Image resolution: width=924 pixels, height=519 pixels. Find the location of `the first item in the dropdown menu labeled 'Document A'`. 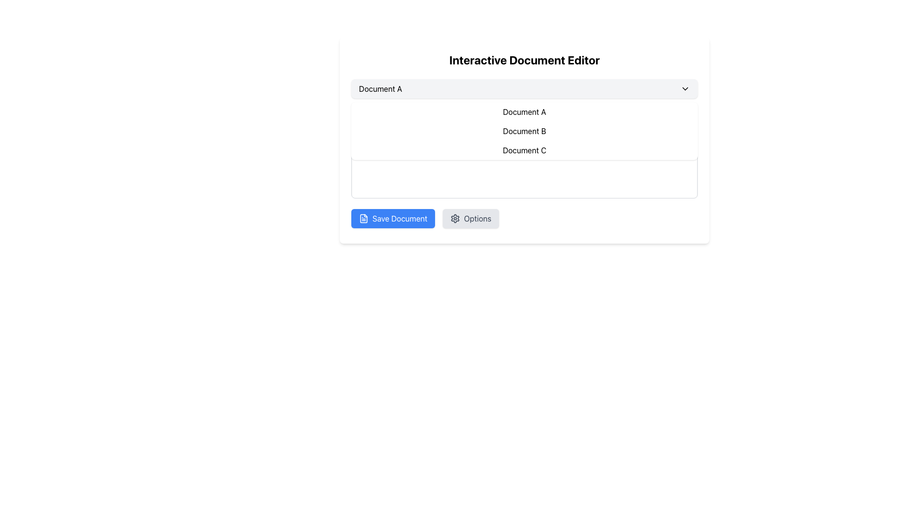

the first item in the dropdown menu labeled 'Document A' is located at coordinates (524, 111).